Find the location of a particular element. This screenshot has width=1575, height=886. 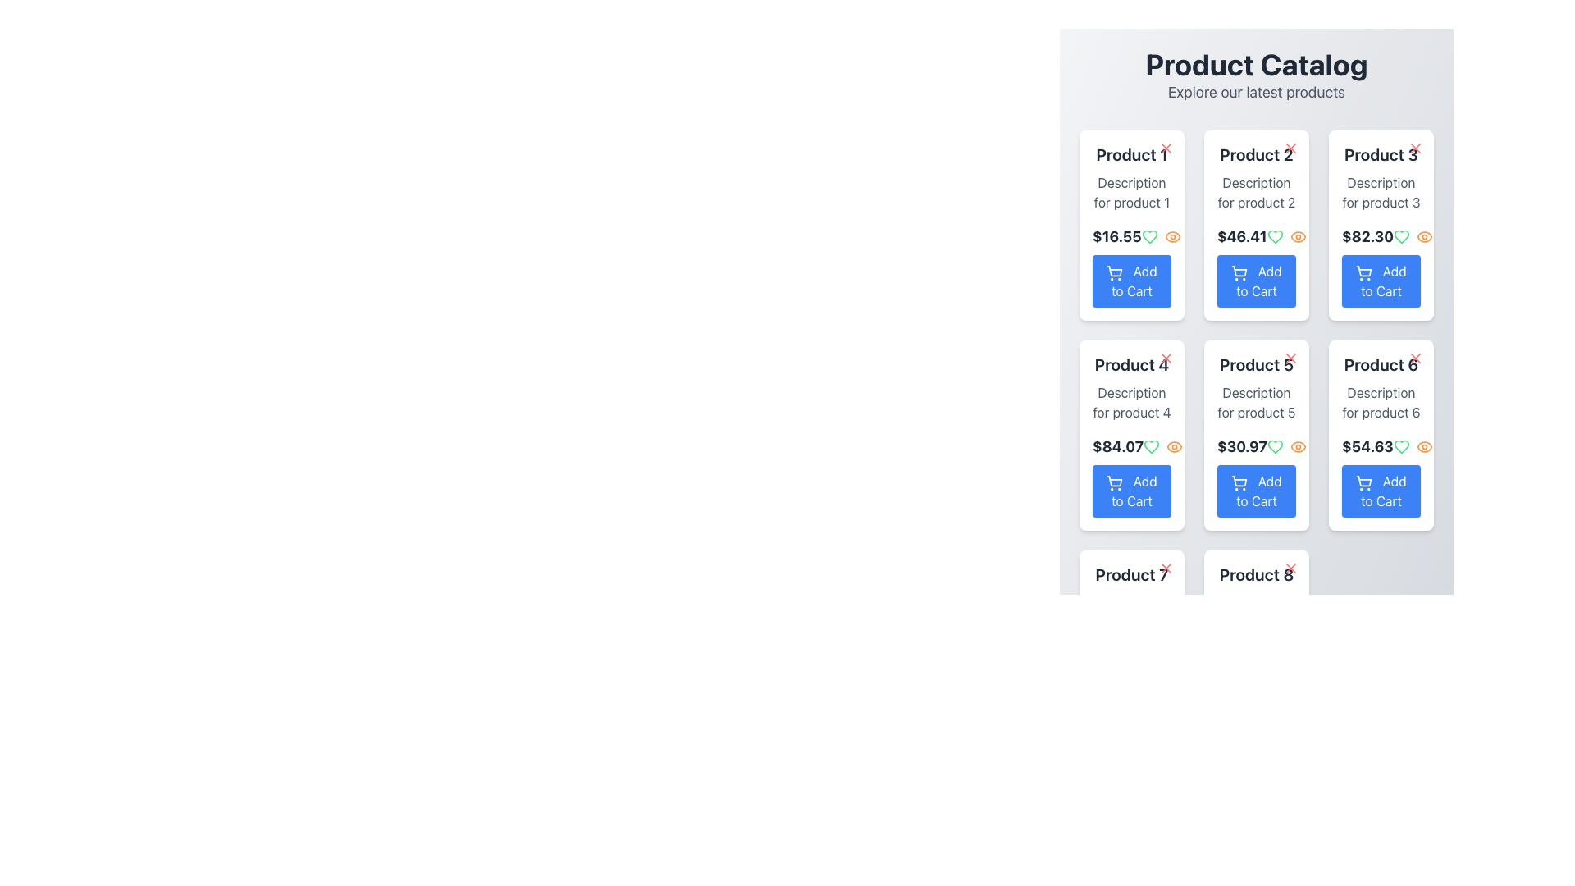

the label or title for the product item located at the top section of the second card in the first row of the grid layout, below 'Product Catalog' is located at coordinates (1255, 155).